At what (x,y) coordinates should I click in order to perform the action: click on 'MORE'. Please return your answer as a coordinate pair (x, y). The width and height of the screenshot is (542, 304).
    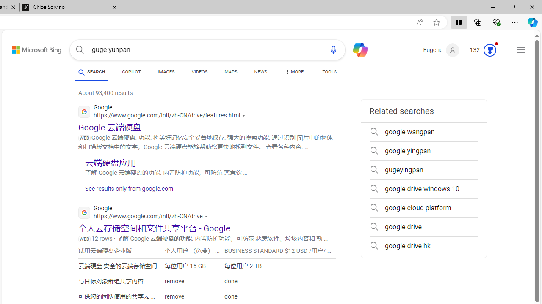
    Looking at the image, I should click on (293, 73).